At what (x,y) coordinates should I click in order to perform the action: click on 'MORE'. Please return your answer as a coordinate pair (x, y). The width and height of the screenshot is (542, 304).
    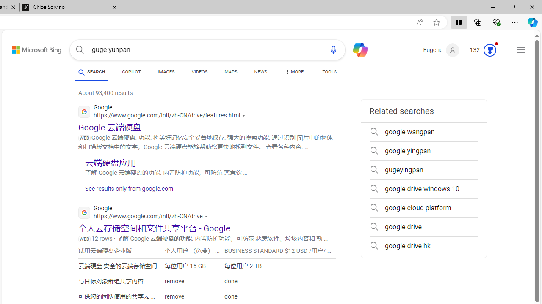
    Looking at the image, I should click on (293, 73).